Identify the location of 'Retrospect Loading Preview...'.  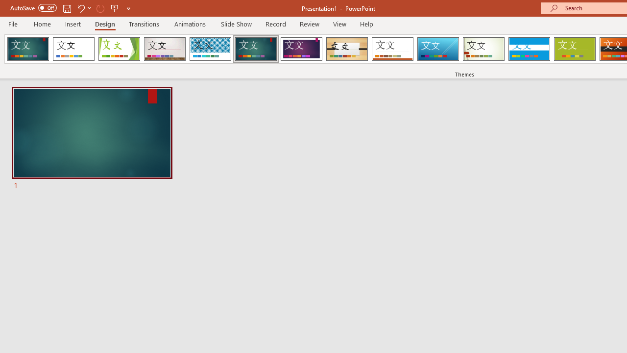
(392, 49).